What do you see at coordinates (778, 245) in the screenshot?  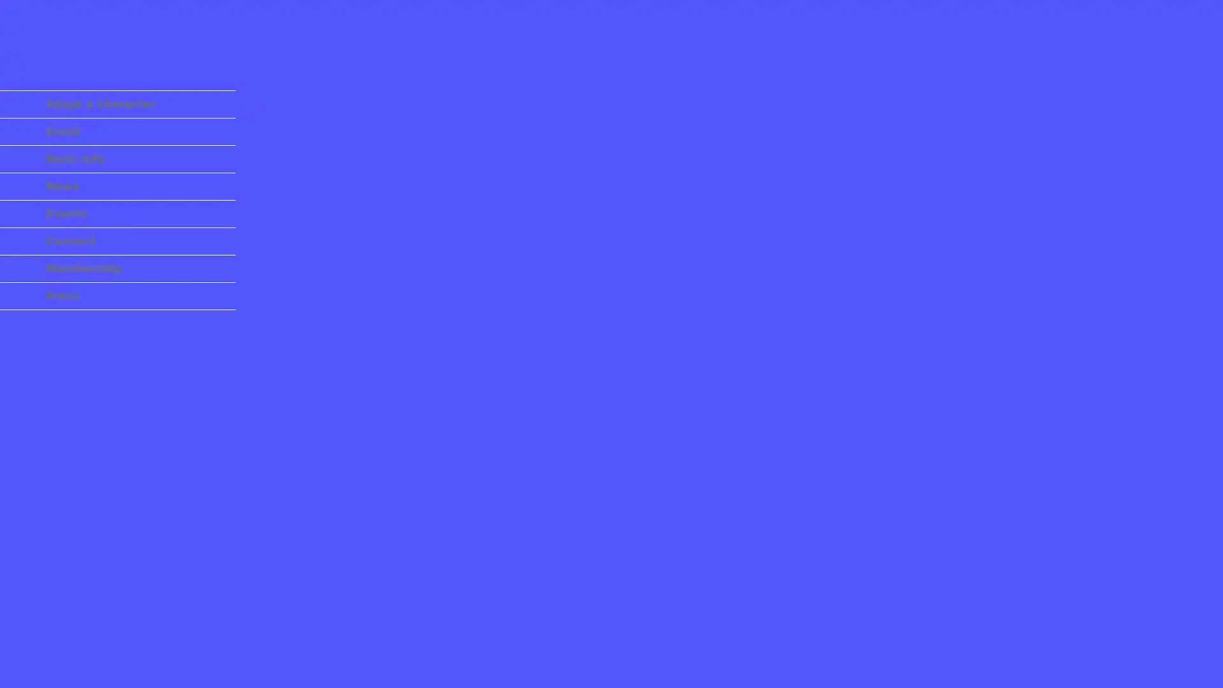 I see `U+65E6` at bounding box center [778, 245].